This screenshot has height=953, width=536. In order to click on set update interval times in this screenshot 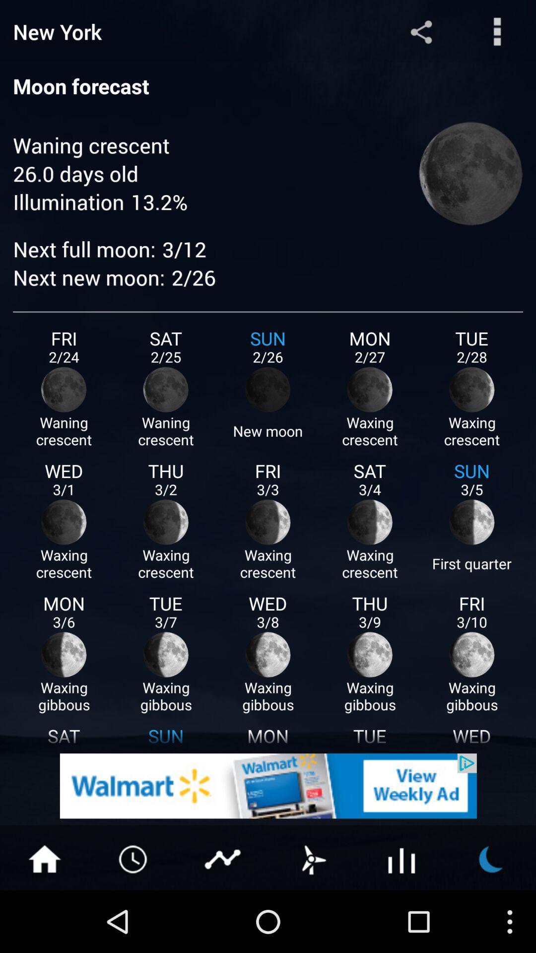, I will do `click(134, 858)`.